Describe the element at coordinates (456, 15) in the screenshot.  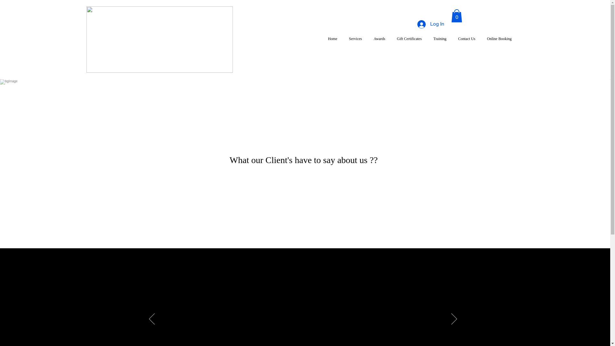
I see `'0'` at that location.